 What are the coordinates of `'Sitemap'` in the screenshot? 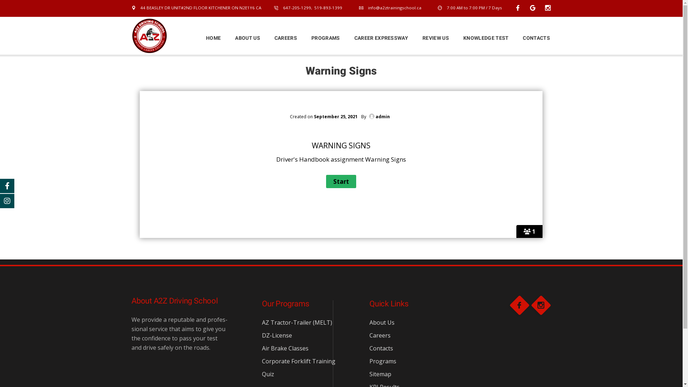 It's located at (380, 374).